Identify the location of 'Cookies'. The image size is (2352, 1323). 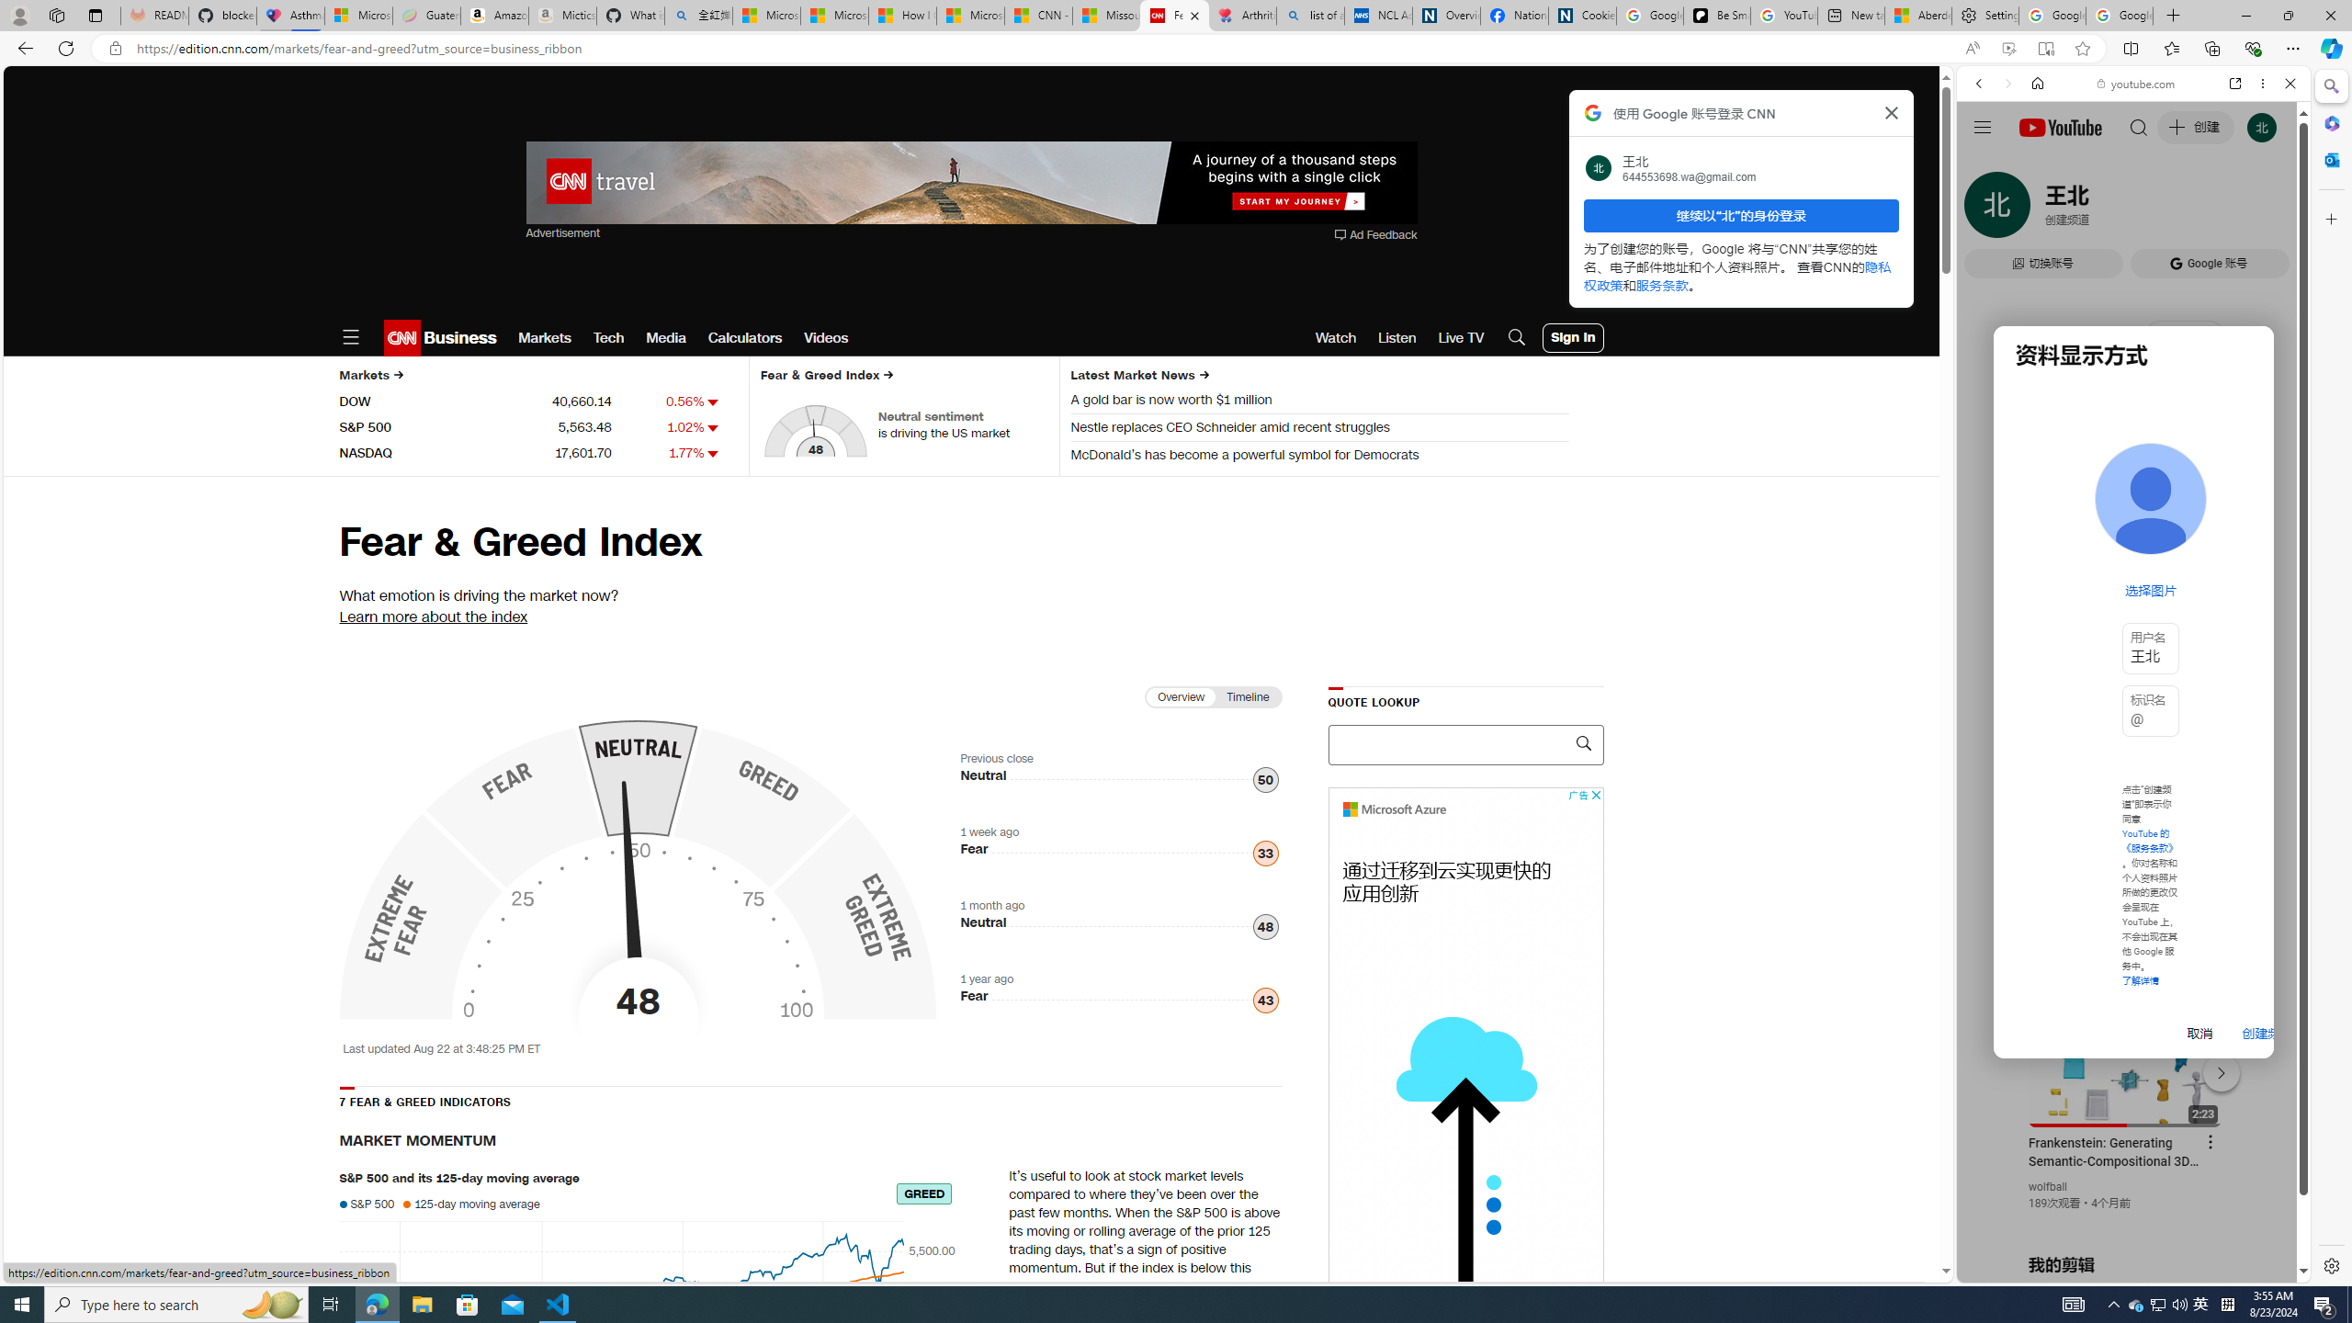
(1581, 15).